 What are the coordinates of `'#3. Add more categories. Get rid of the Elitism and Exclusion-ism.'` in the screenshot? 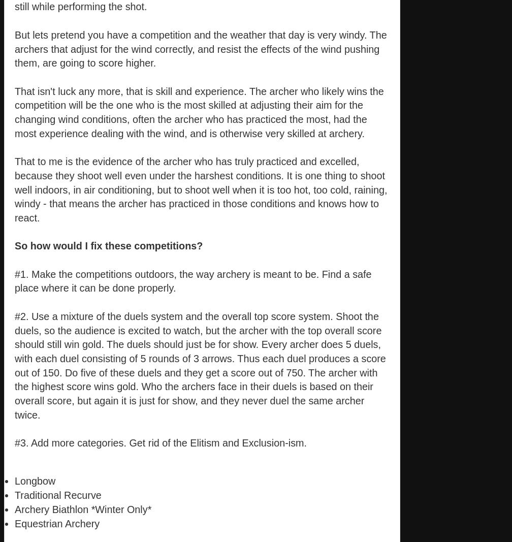 It's located at (161, 442).